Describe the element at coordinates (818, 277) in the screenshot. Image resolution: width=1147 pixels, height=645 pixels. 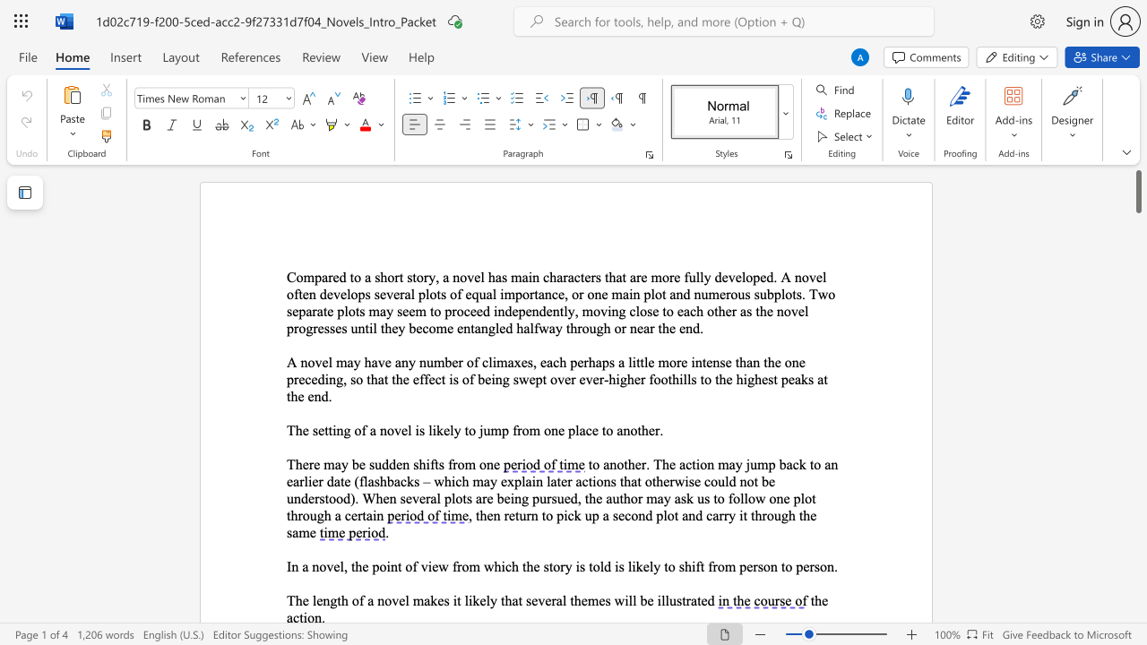
I see `the 9th character "e" in the text` at that location.